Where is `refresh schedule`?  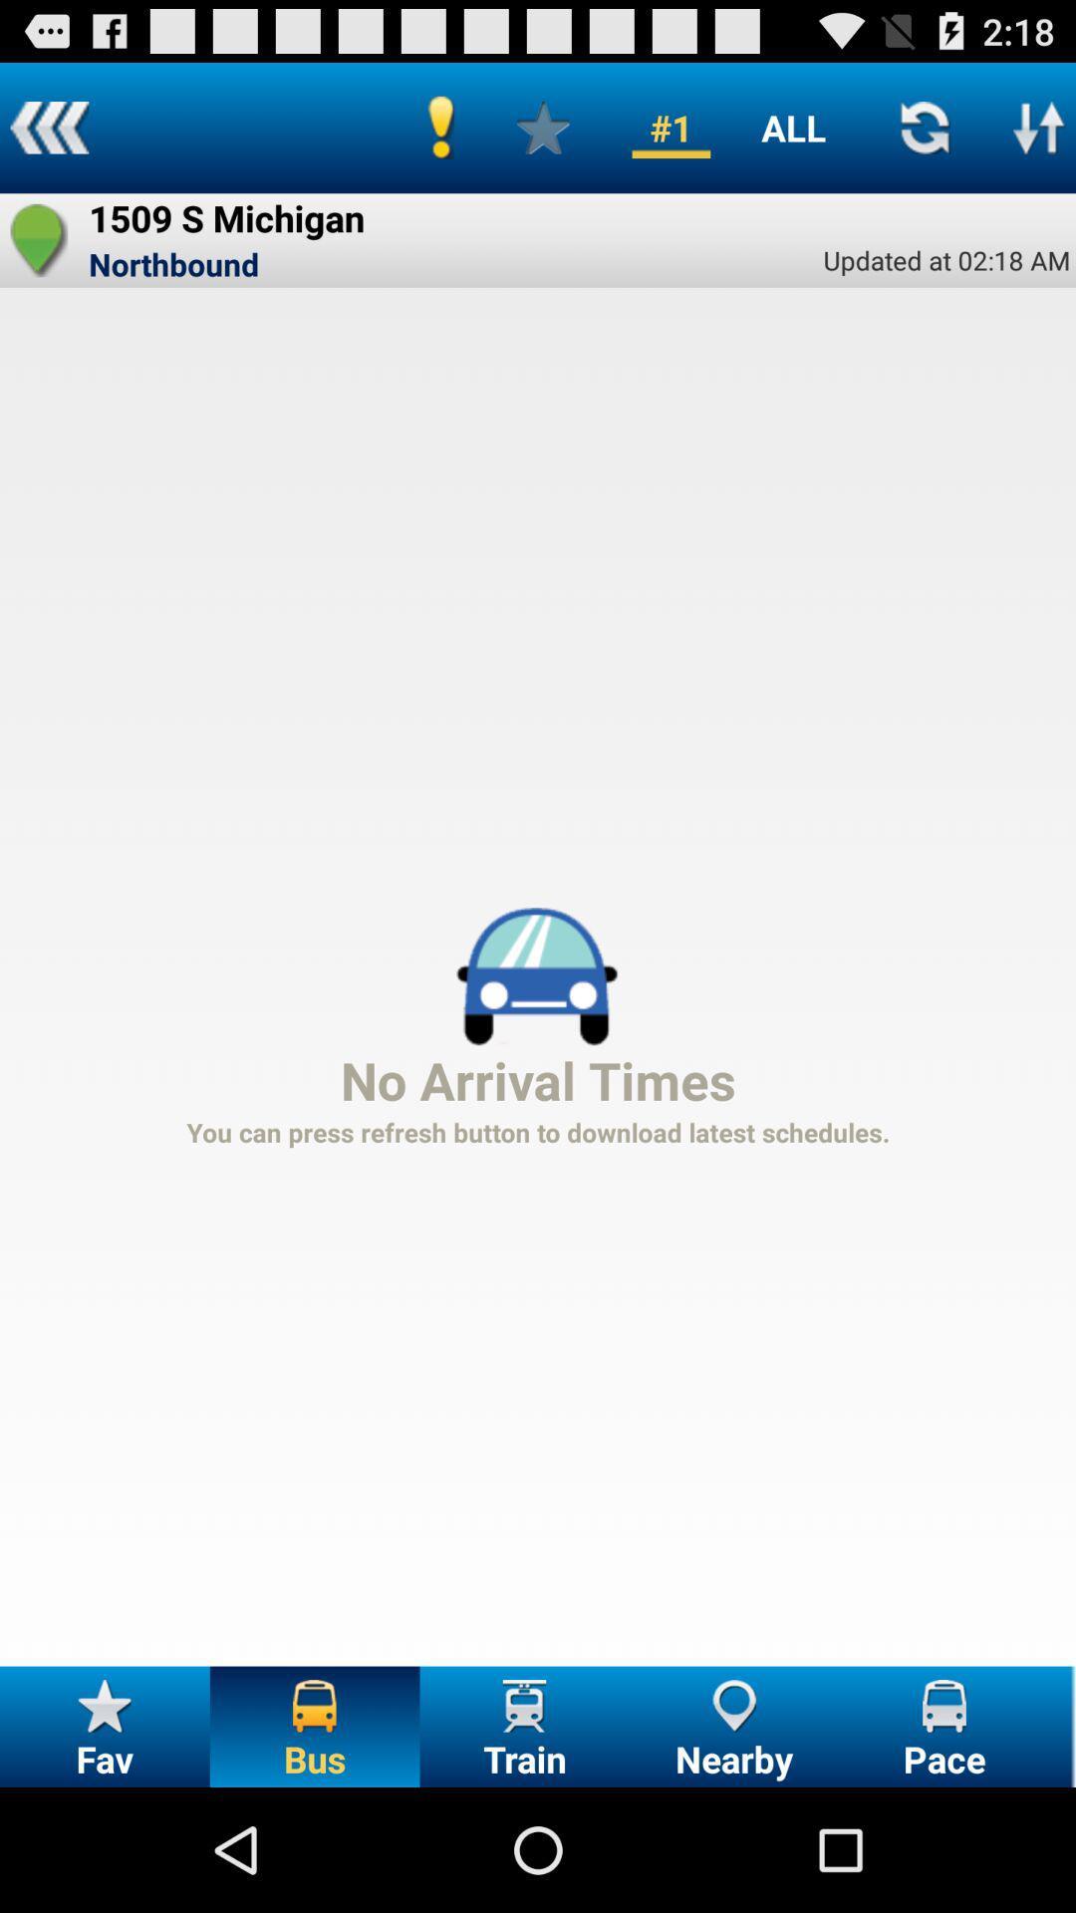 refresh schedule is located at coordinates (924, 127).